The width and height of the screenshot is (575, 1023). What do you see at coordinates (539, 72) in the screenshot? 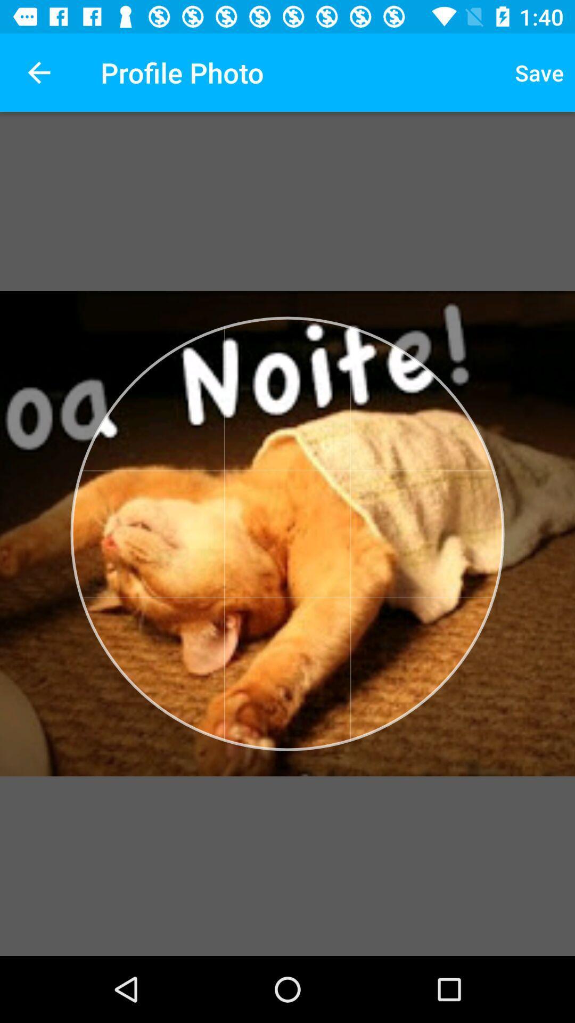
I see `the icon at the top right corner` at bounding box center [539, 72].